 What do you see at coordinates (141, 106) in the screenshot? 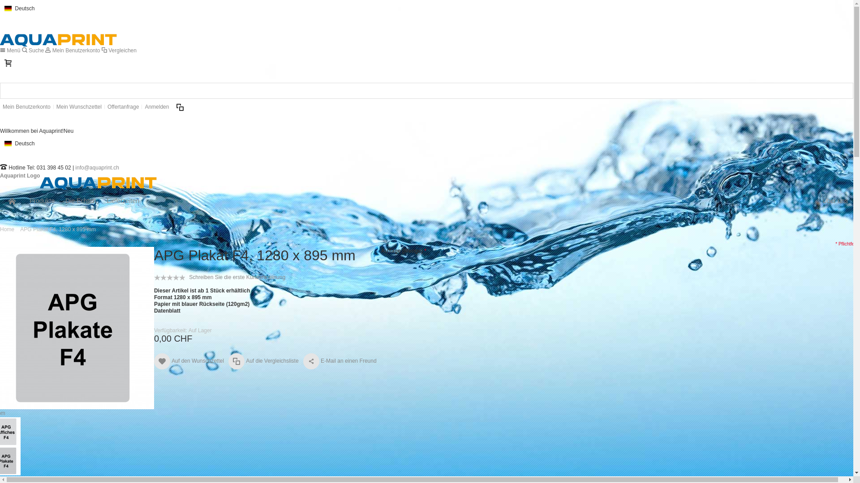
I see `'Anmelden'` at bounding box center [141, 106].